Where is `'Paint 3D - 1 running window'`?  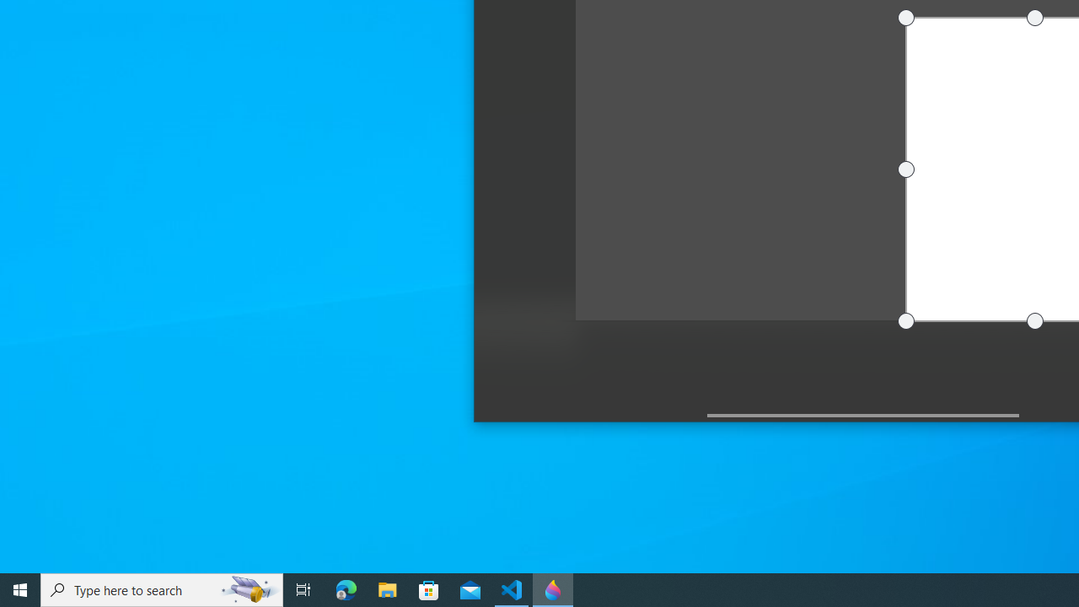
'Paint 3D - 1 running window' is located at coordinates (553, 588).